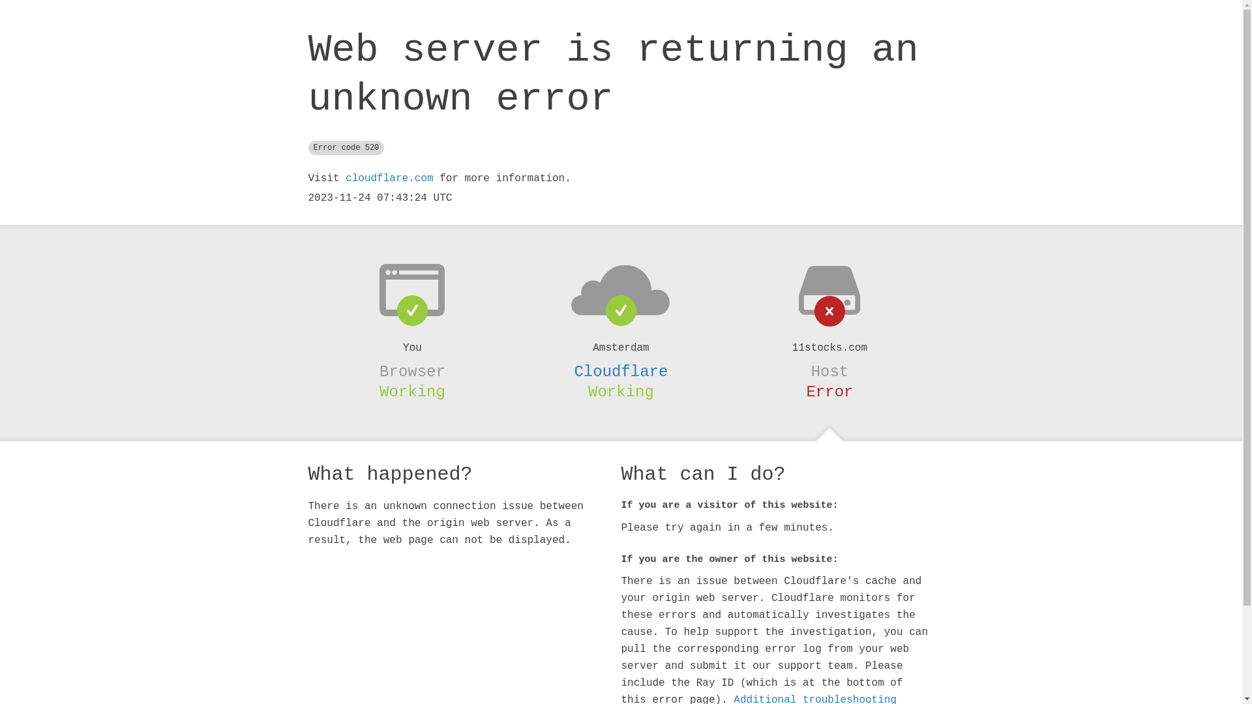 Image resolution: width=1252 pixels, height=704 pixels. I want to click on 'Cloudflare', so click(573, 372).